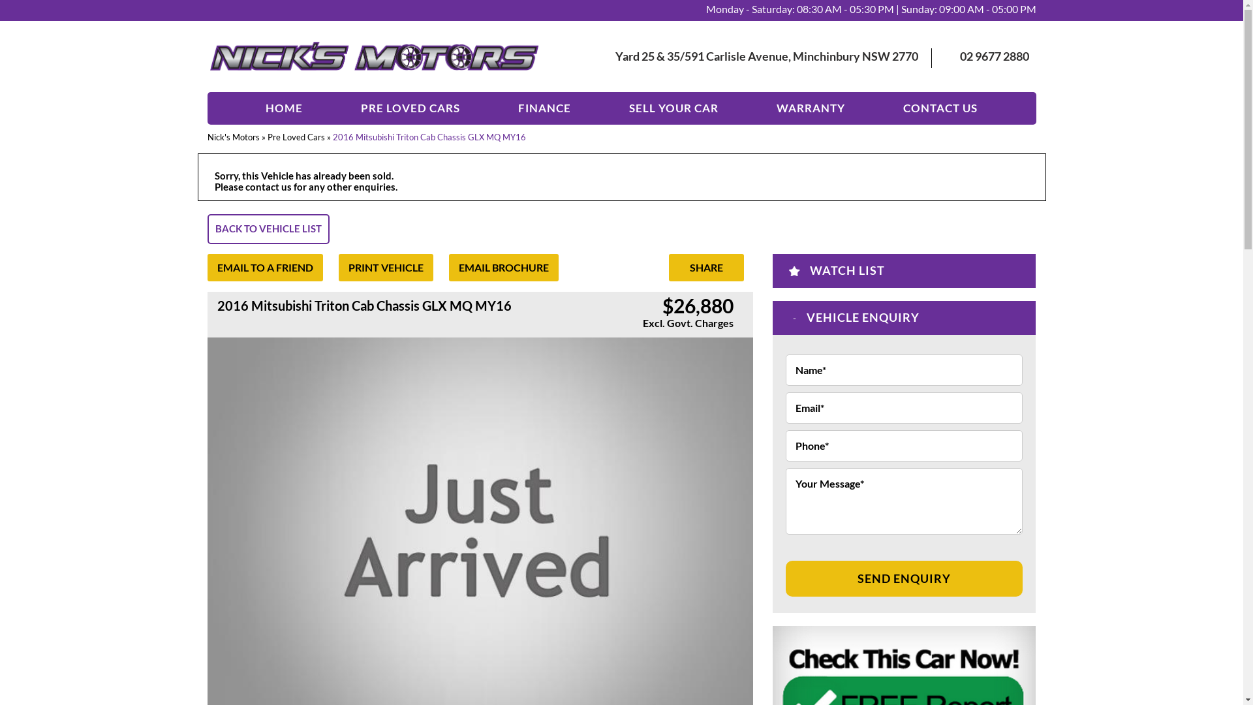 This screenshot has width=1253, height=705. I want to click on 'WATCH LIST', so click(847, 269).